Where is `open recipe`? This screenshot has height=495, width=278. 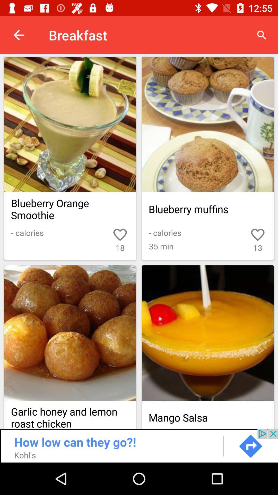
open recipe is located at coordinates (70, 125).